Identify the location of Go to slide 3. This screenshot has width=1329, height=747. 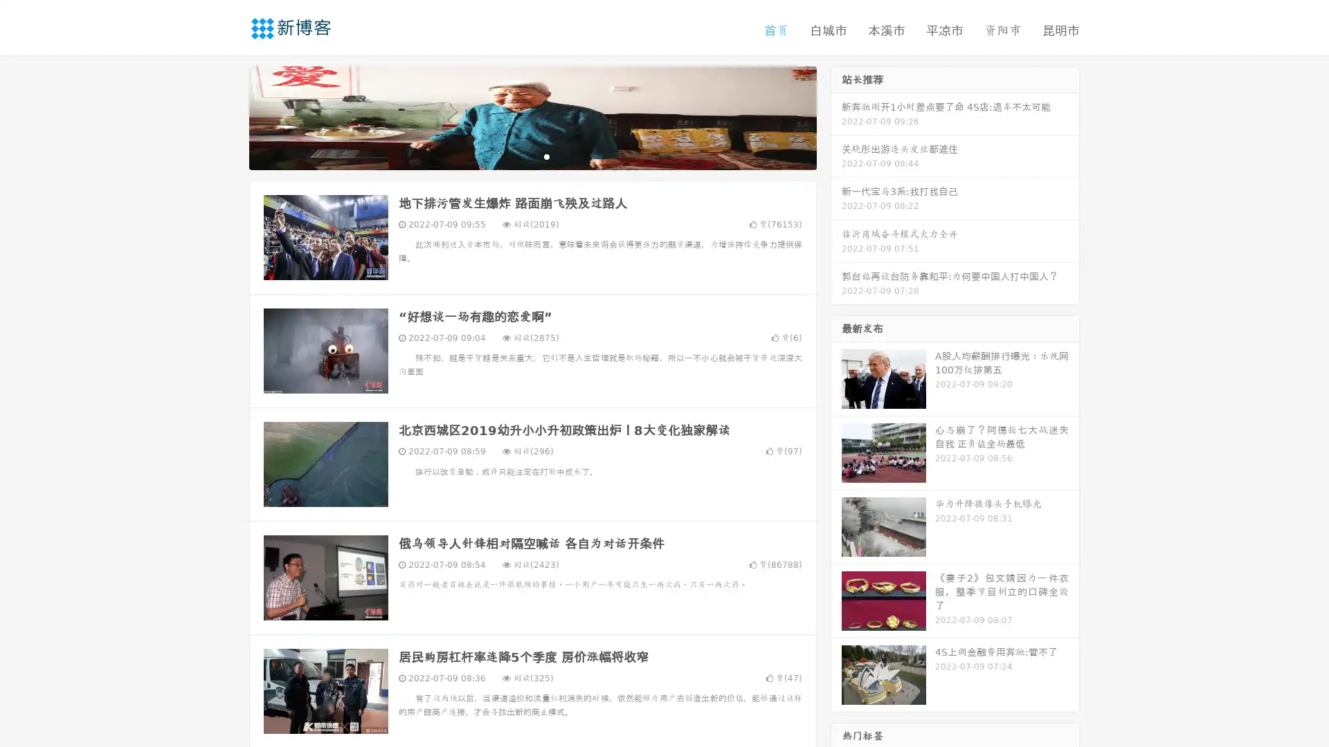
(546, 156).